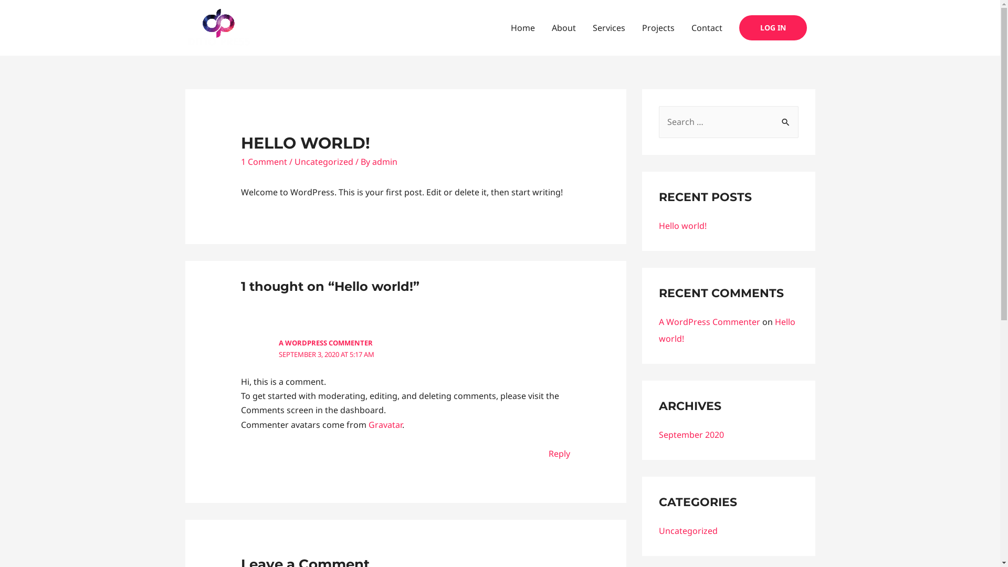  I want to click on 'SEPTEMBER 3, 2020 AT 5:17 AM', so click(326, 354).